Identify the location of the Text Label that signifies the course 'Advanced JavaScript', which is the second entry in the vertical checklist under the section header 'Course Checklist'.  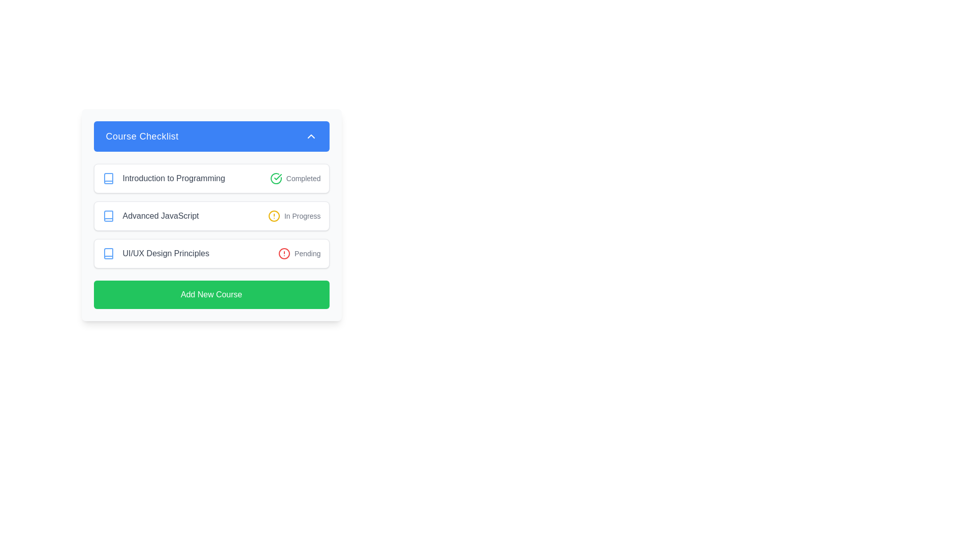
(160, 215).